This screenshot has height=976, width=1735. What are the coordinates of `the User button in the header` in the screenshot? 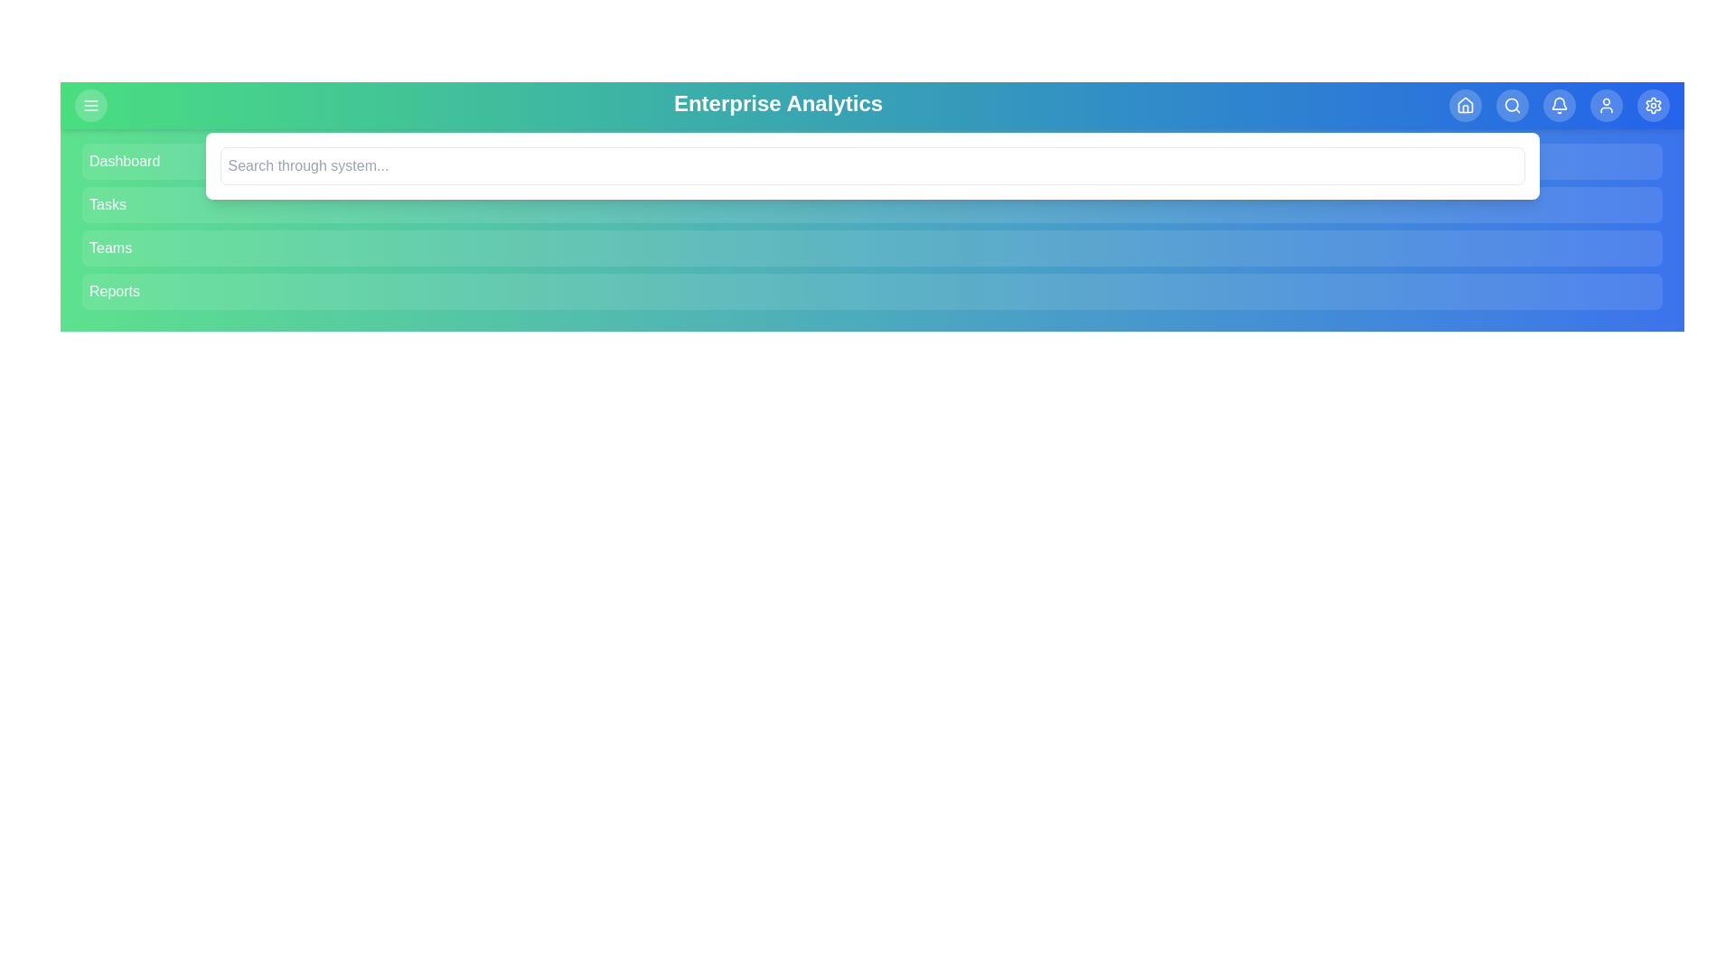 It's located at (1606, 105).